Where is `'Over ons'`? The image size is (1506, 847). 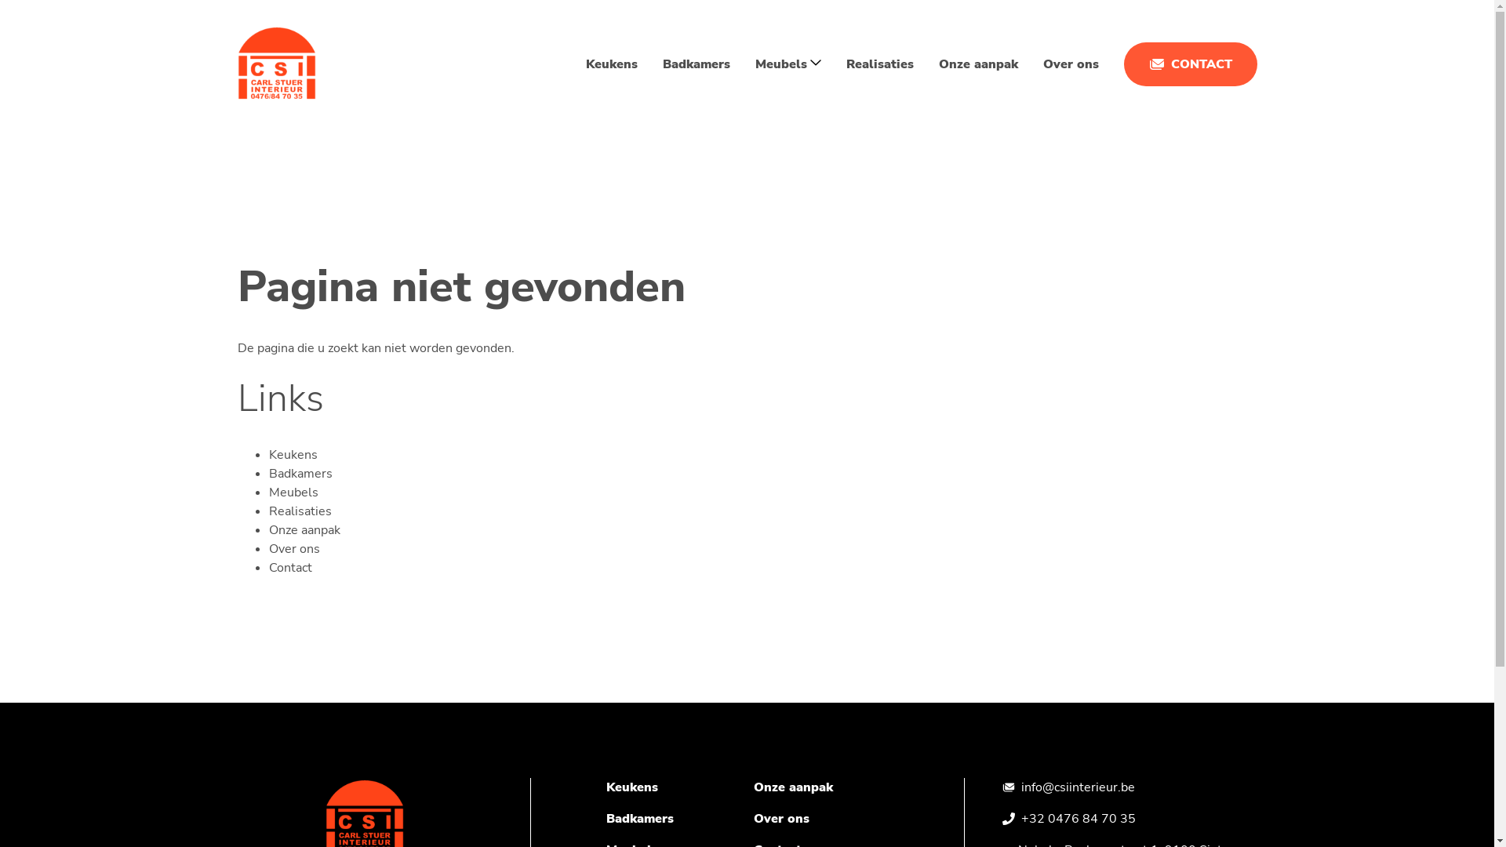 'Over ons' is located at coordinates (1042, 63).